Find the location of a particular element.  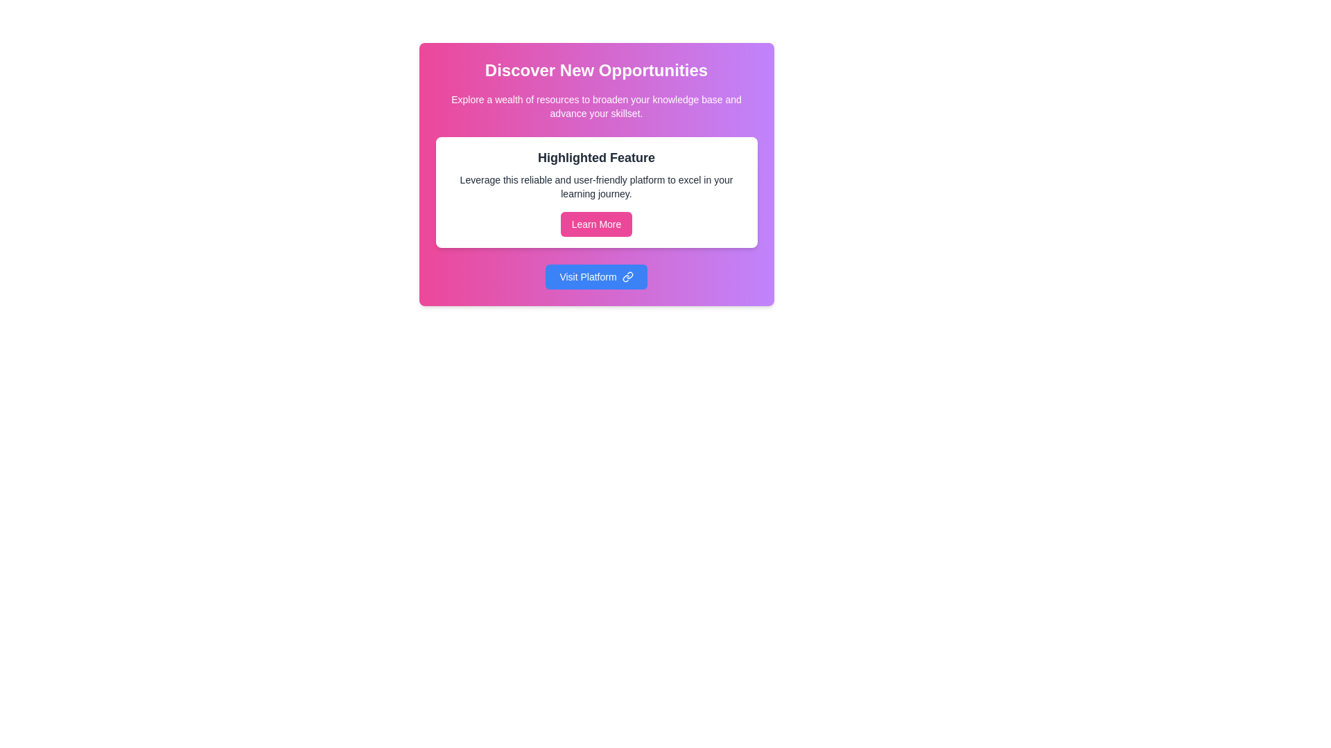

the blue button labeled 'Visit Platform' with a link icon is located at coordinates (596, 277).